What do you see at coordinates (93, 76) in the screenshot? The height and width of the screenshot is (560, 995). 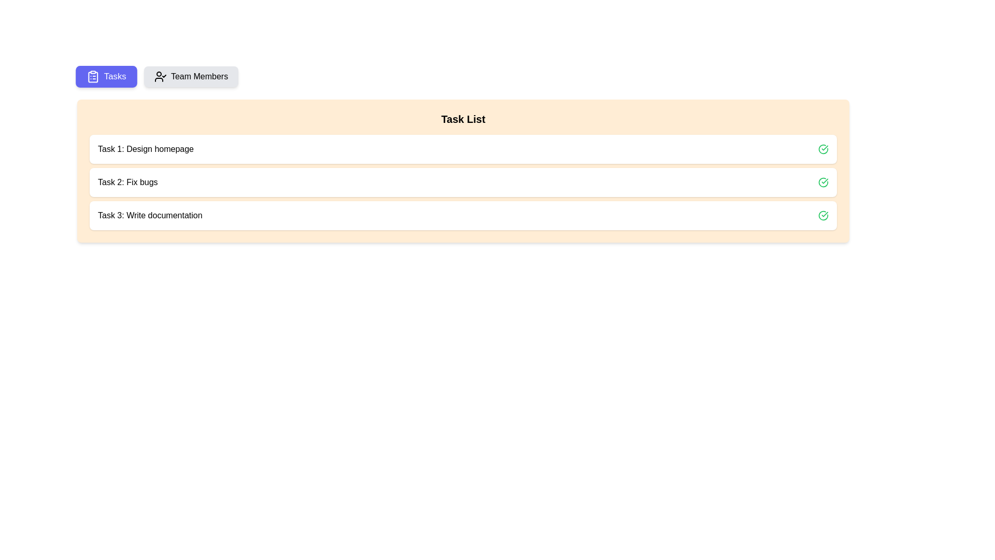 I see `the clipboard icon located at the leftmost side of the 'Tasks' button in the top-left area of the interface` at bounding box center [93, 76].